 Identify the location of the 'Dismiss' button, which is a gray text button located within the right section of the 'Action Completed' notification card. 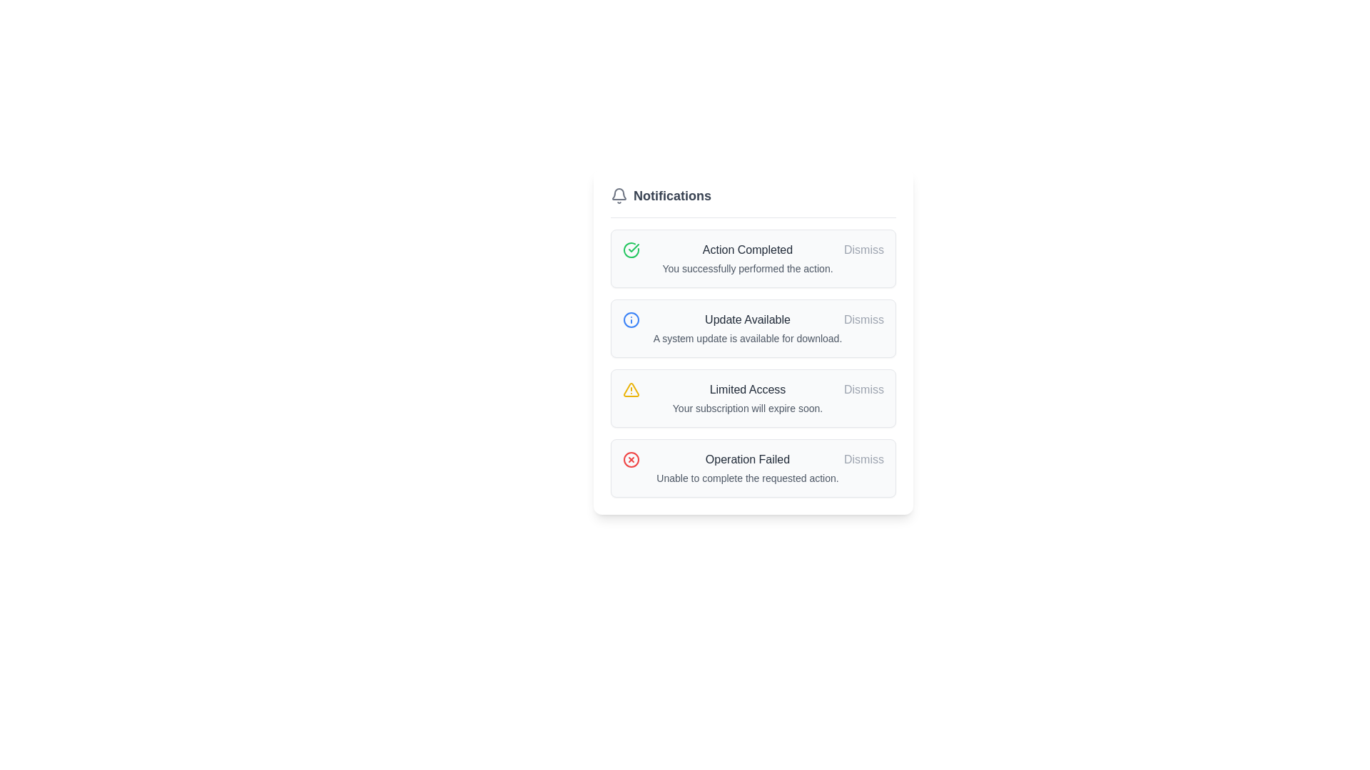
(863, 250).